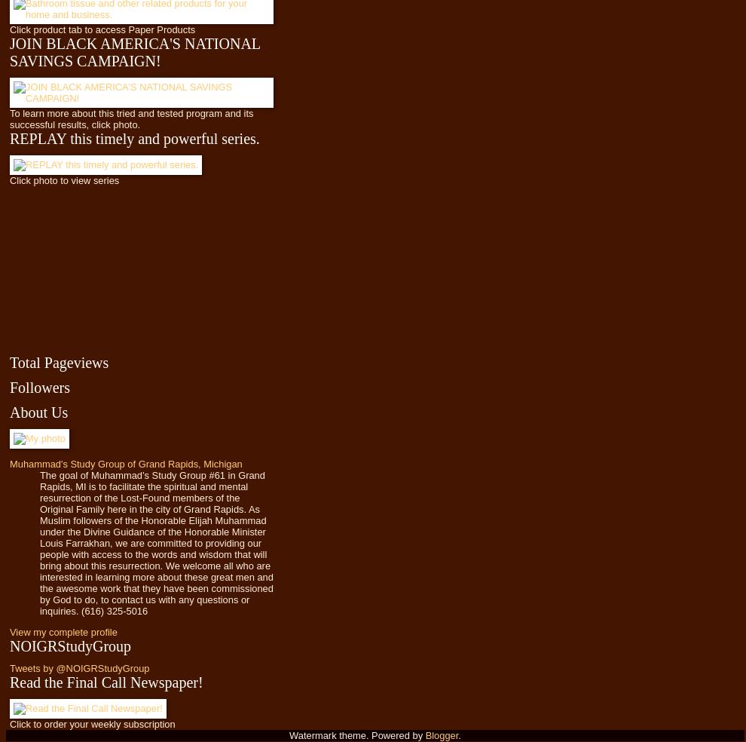 This screenshot has height=742, width=746. I want to click on 'Read the Final Call Newspaper!', so click(105, 682).